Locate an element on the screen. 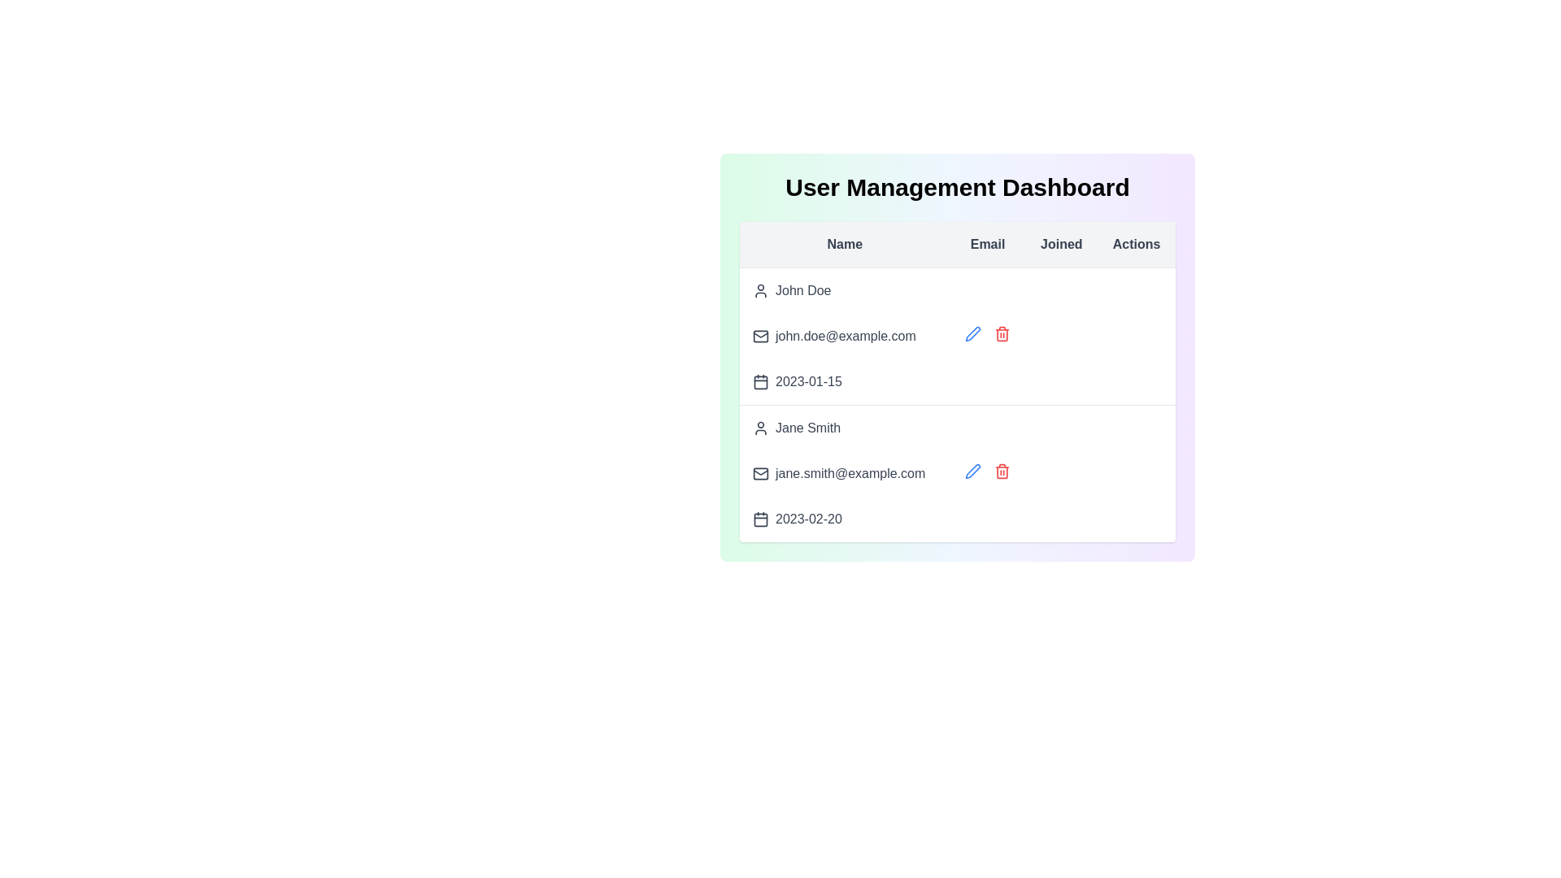 Image resolution: width=1561 pixels, height=878 pixels. the edit icon for the user Jane Smith is located at coordinates (972, 470).